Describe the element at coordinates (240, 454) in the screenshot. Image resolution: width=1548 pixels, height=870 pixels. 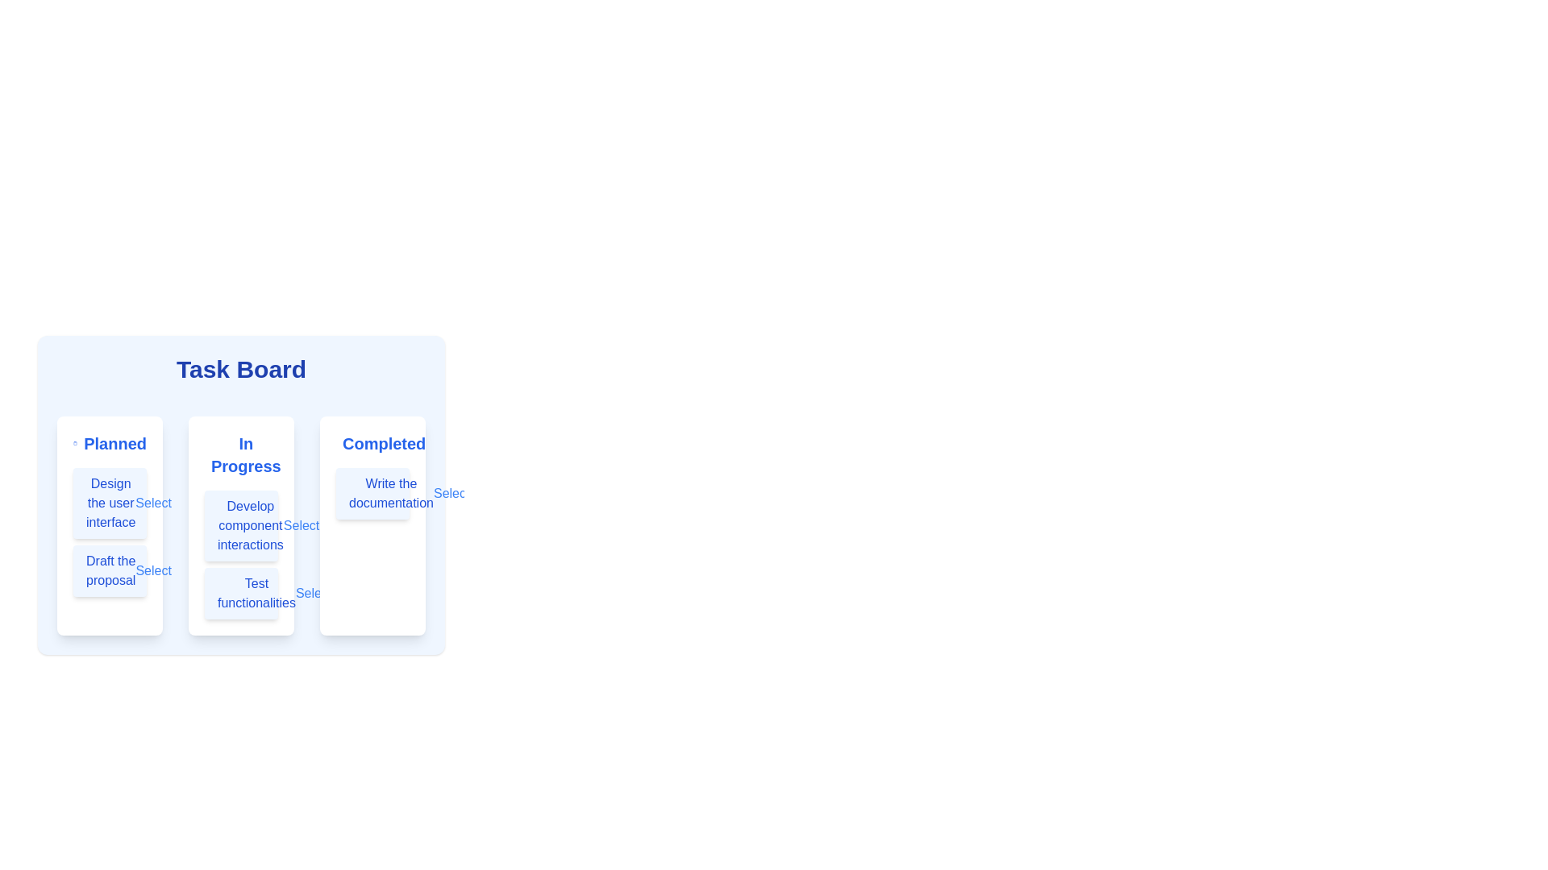
I see `the 'In Progress' text label that serves as the title for the middle column on the task board interface` at that location.